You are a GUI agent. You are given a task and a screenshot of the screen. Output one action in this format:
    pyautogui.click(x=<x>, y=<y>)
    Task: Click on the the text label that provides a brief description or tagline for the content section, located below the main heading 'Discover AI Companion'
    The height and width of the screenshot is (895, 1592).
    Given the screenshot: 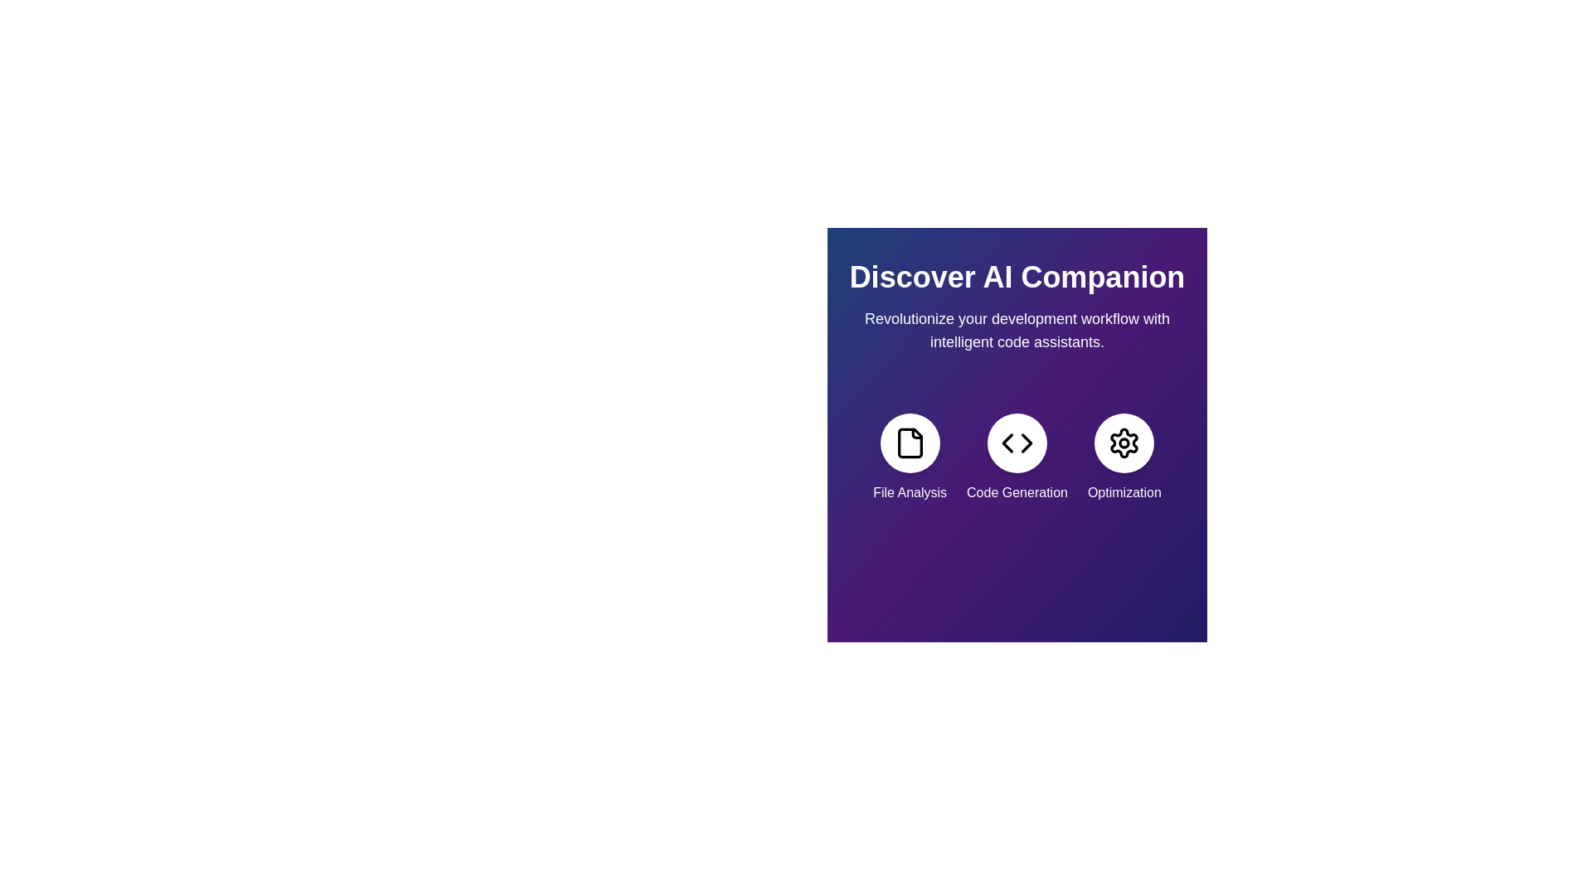 What is the action you would take?
    pyautogui.click(x=1017, y=330)
    